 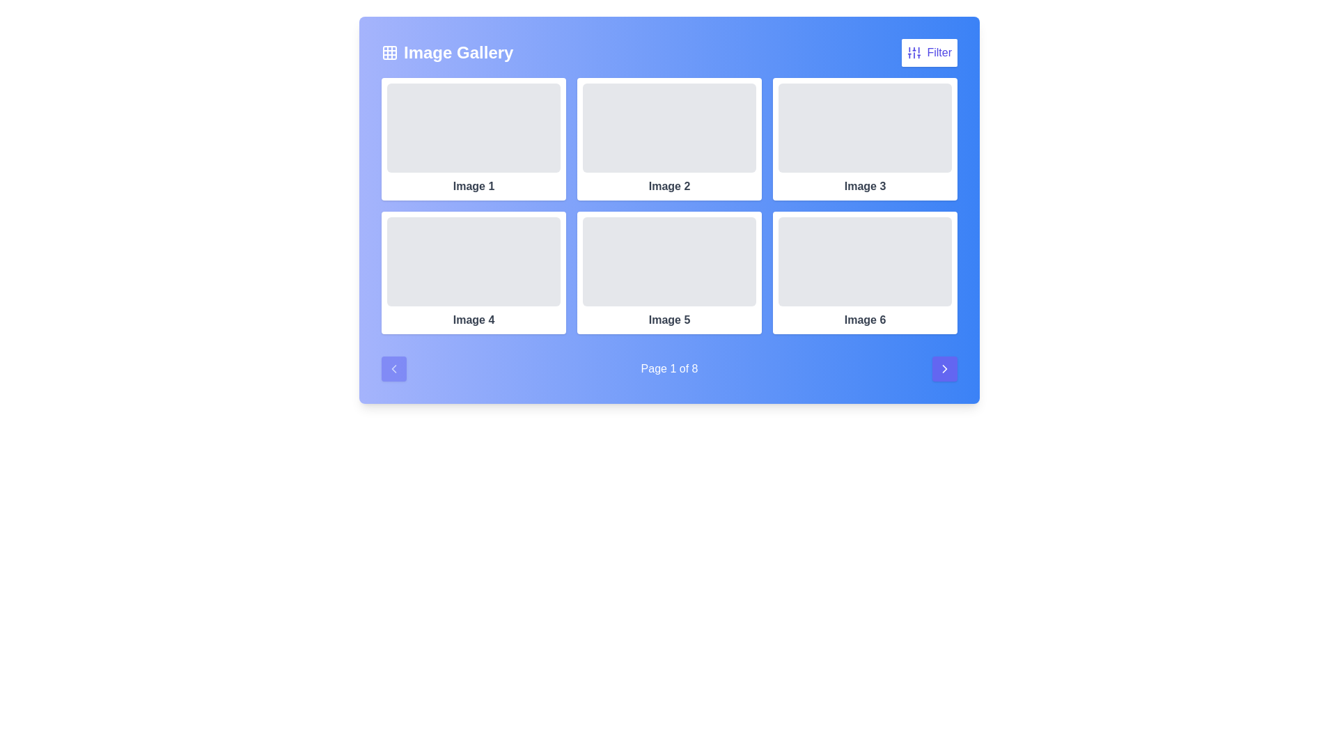 I want to click on the informational text indicating the current pagination status, which shows the user is on page 1 out of 8, so click(x=669, y=368).